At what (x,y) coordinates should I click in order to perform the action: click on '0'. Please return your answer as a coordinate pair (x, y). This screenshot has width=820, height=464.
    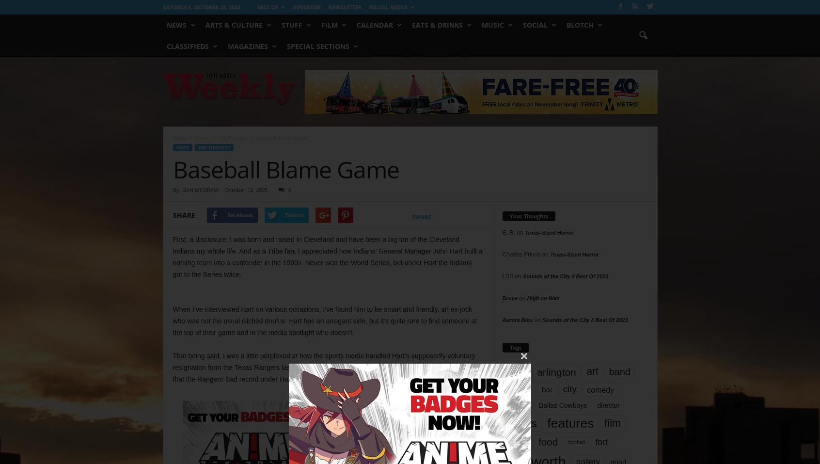
    Looking at the image, I should click on (288, 189).